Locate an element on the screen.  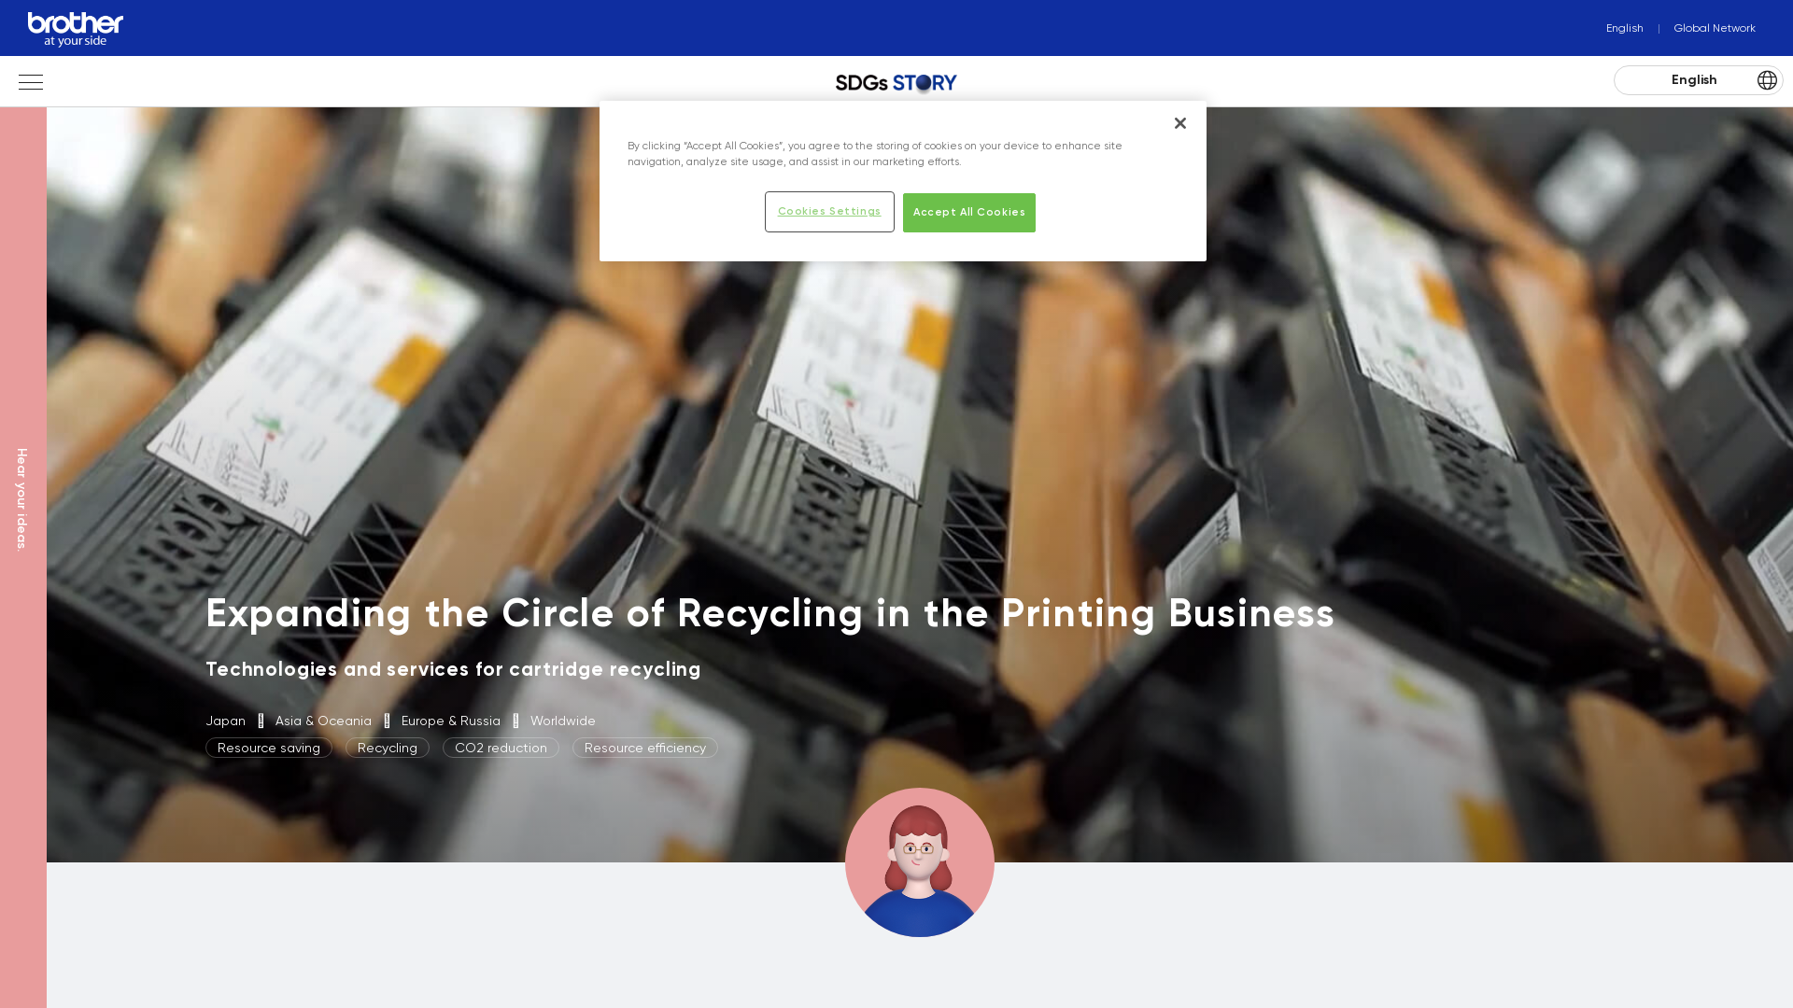
'Recycling' is located at coordinates (345, 747).